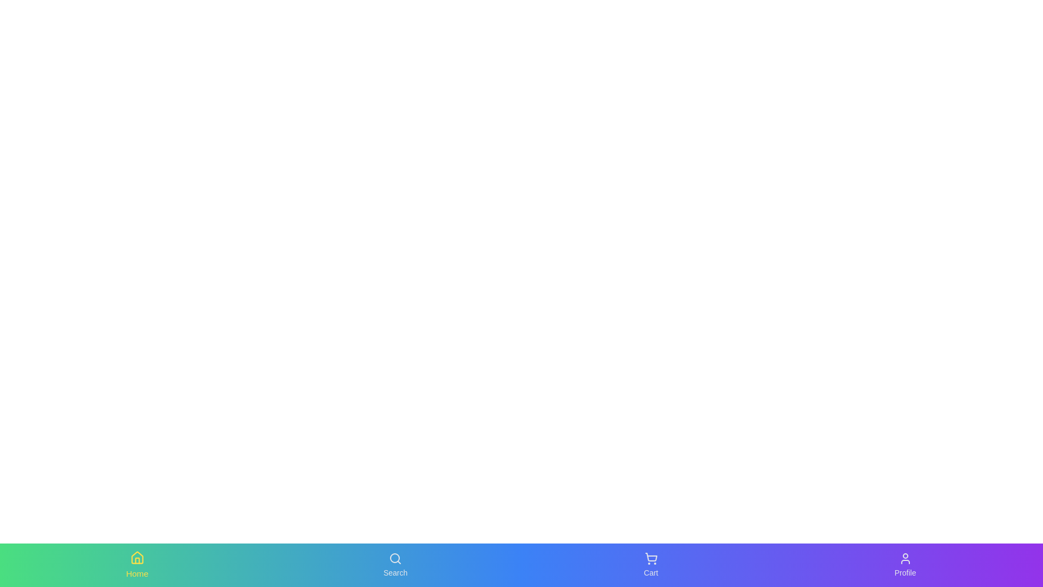 This screenshot has height=587, width=1043. Describe the element at coordinates (651, 565) in the screenshot. I see `the Navigation link with a cart icon and the text 'Cart'` at that location.